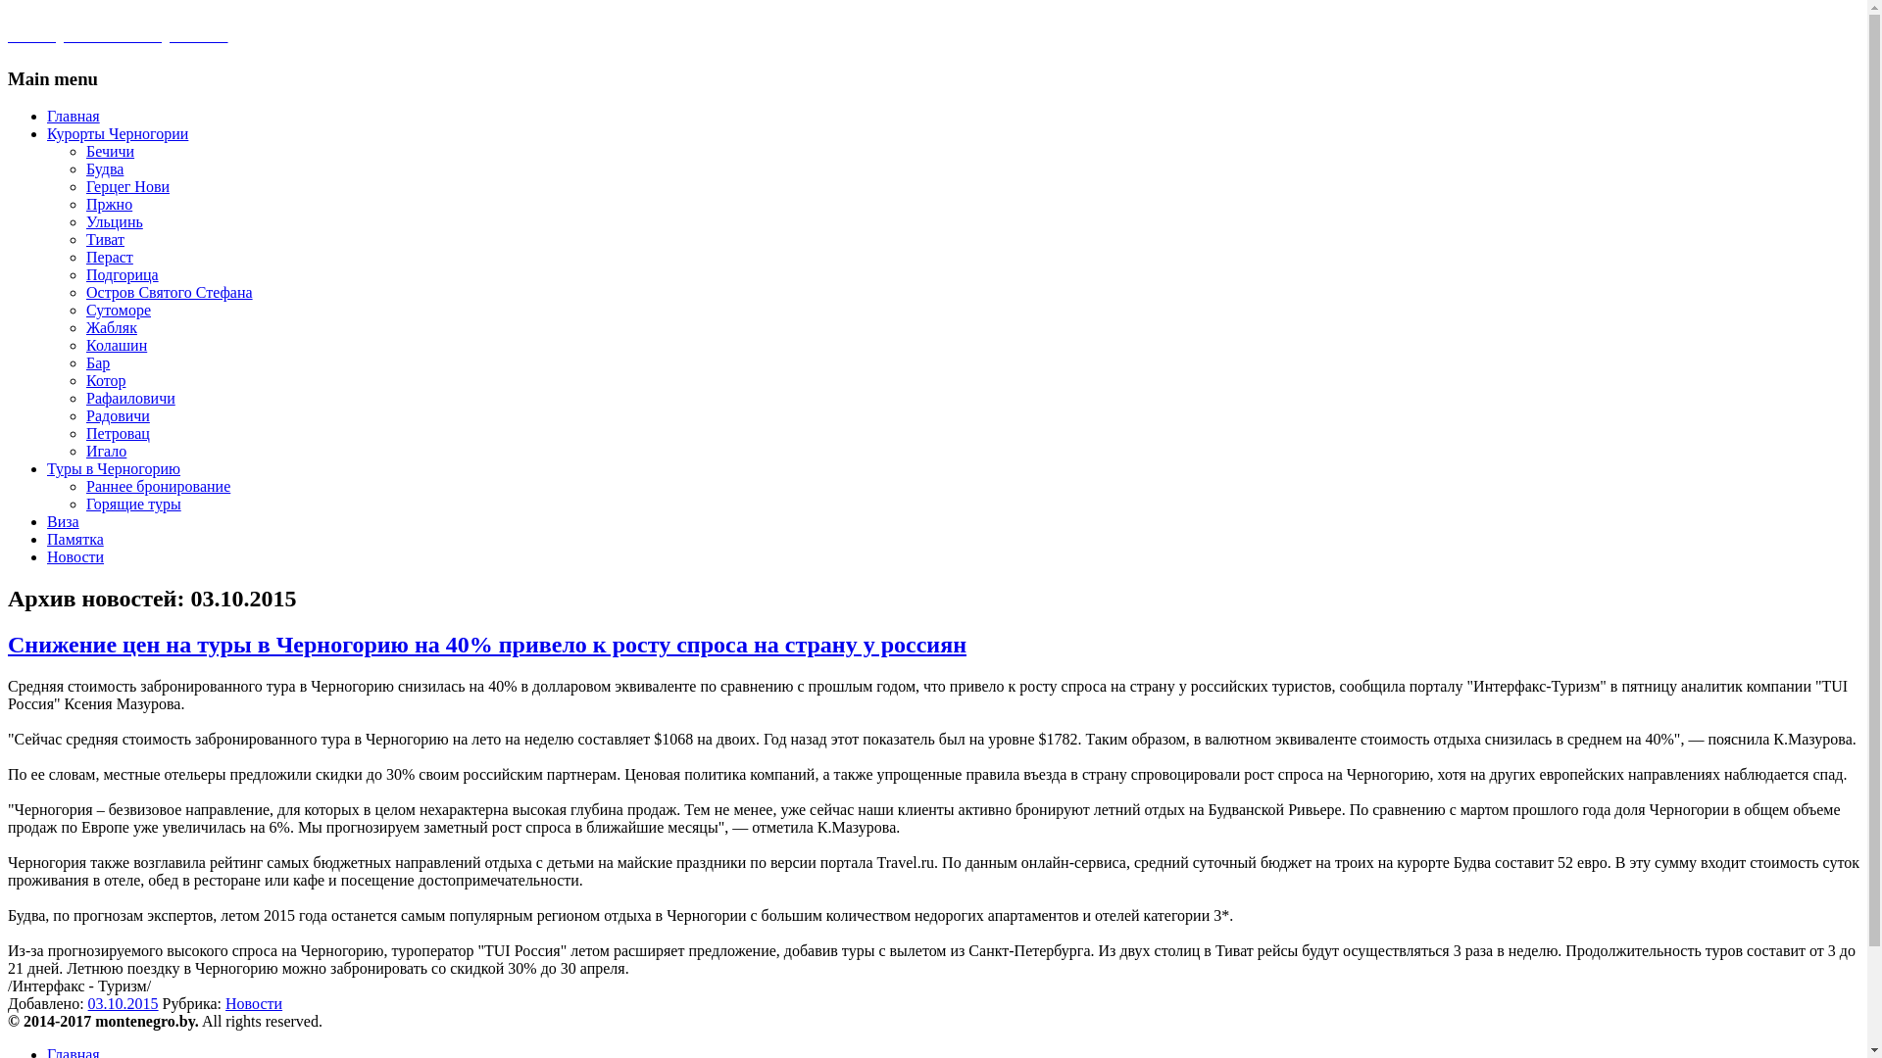 The image size is (1882, 1058). What do you see at coordinates (122, 1003) in the screenshot?
I see `'03.10.2015'` at bounding box center [122, 1003].